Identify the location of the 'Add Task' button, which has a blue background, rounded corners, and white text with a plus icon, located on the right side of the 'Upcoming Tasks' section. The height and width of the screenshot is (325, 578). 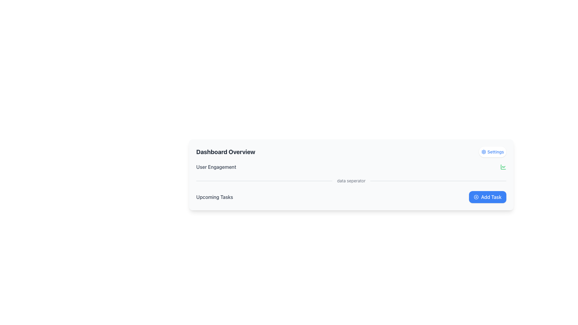
(488, 197).